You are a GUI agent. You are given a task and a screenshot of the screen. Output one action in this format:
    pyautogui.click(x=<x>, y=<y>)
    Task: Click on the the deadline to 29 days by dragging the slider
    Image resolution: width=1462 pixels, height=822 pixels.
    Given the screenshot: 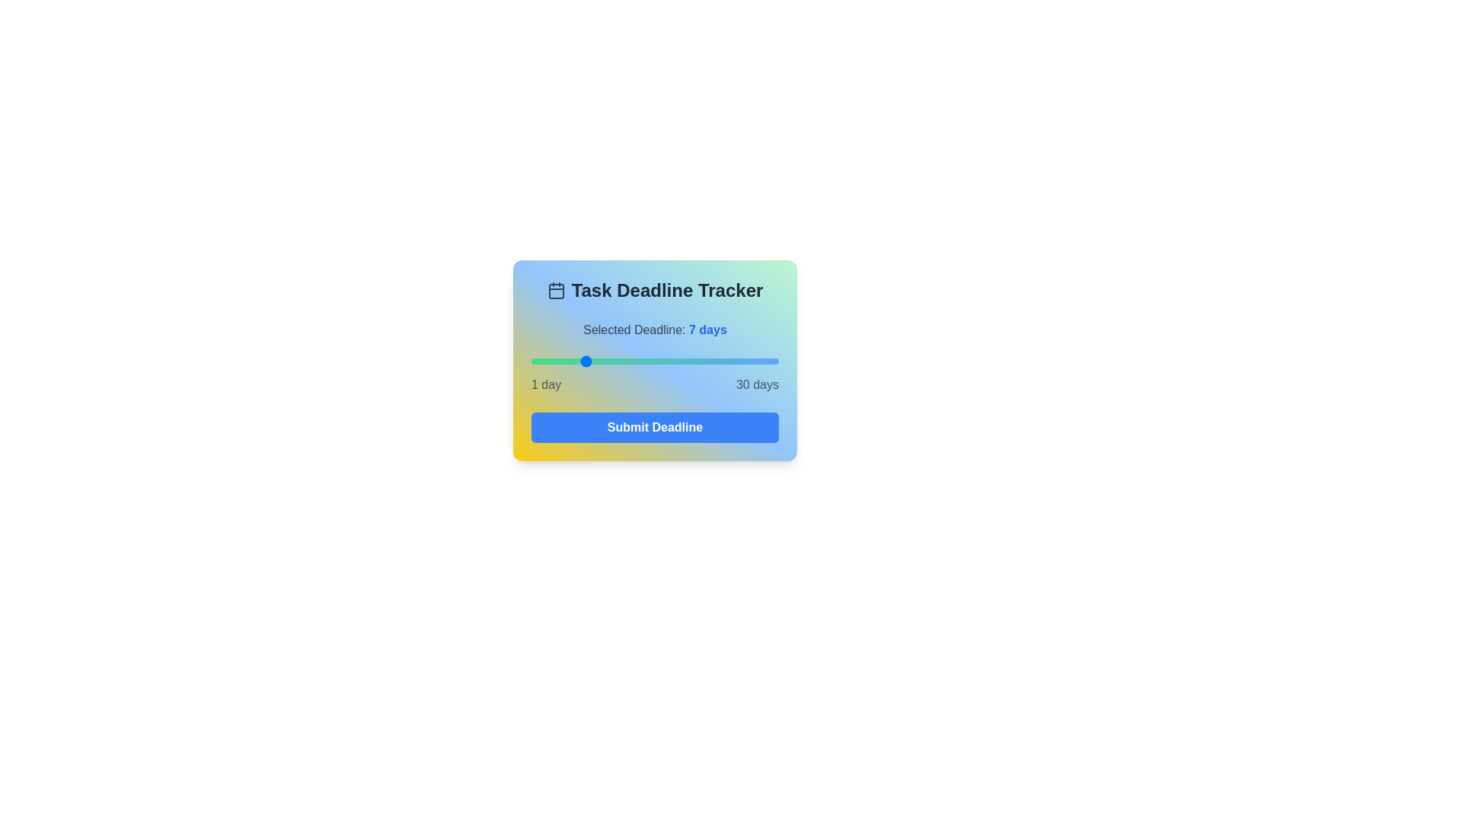 What is the action you would take?
    pyautogui.click(x=770, y=361)
    